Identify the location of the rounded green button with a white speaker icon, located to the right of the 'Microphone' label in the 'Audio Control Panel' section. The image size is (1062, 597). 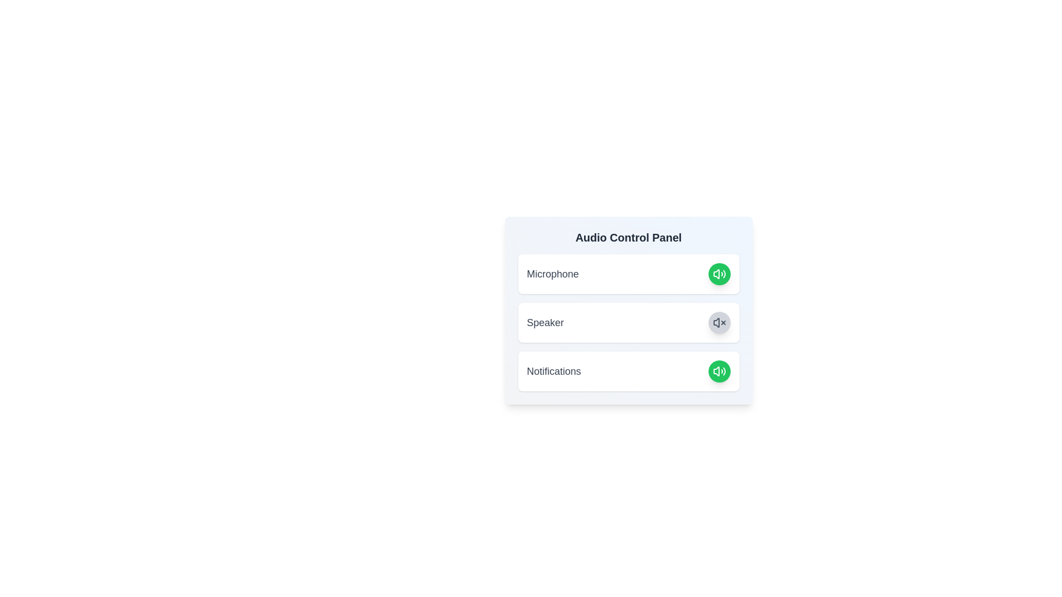
(719, 274).